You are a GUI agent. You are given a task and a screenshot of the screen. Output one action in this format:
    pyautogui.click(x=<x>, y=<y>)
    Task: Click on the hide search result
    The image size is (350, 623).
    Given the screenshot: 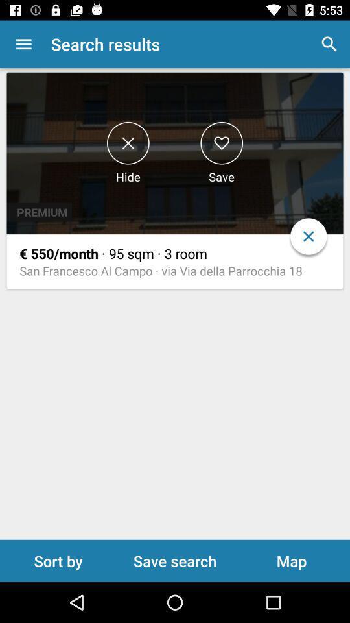 What is the action you would take?
    pyautogui.click(x=128, y=143)
    